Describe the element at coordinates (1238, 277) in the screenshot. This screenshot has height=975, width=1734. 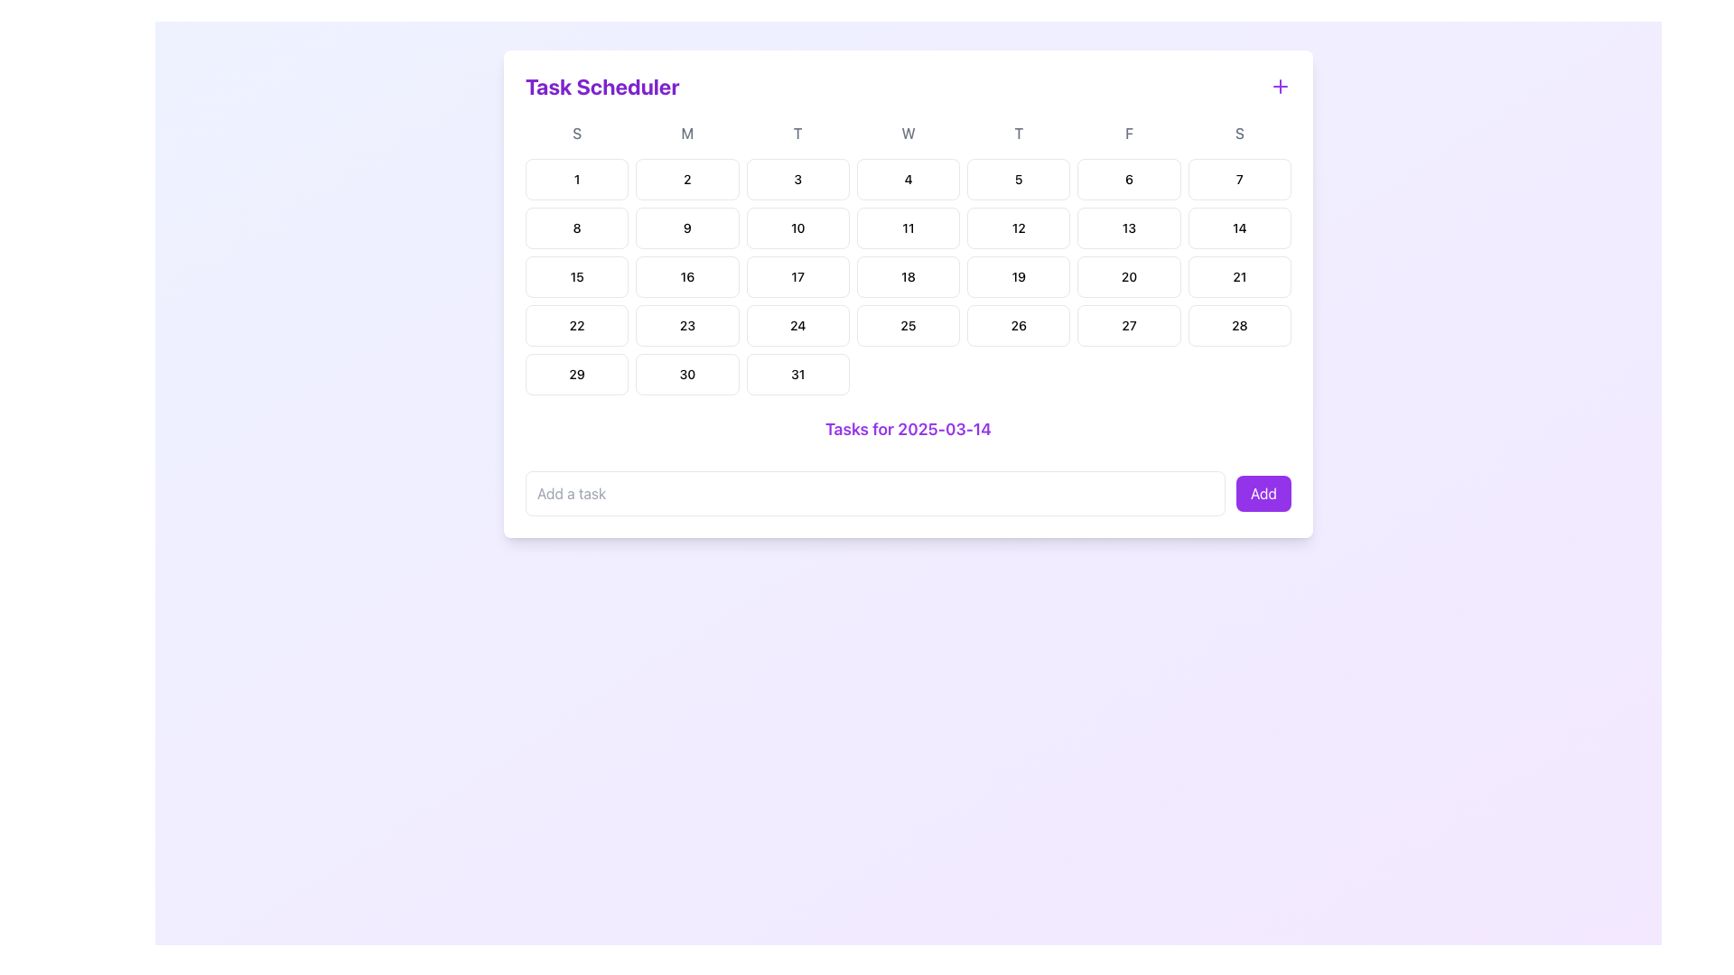
I see `the button representing the 21st day of the displayed month in the calendar grid` at that location.